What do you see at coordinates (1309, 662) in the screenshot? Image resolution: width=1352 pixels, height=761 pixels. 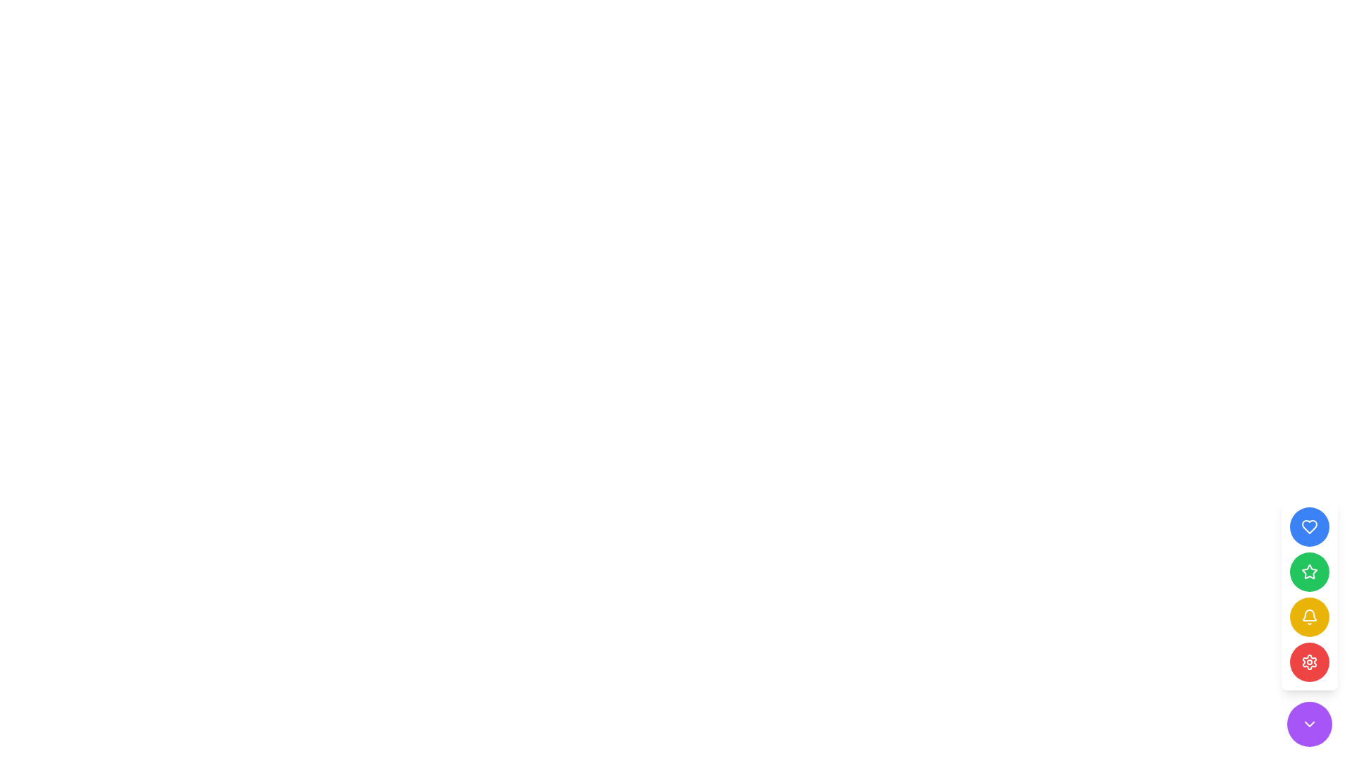 I see `the red cog-like icon button, which is the fifth icon from the top in a vertical stack of interactive icons` at bounding box center [1309, 662].